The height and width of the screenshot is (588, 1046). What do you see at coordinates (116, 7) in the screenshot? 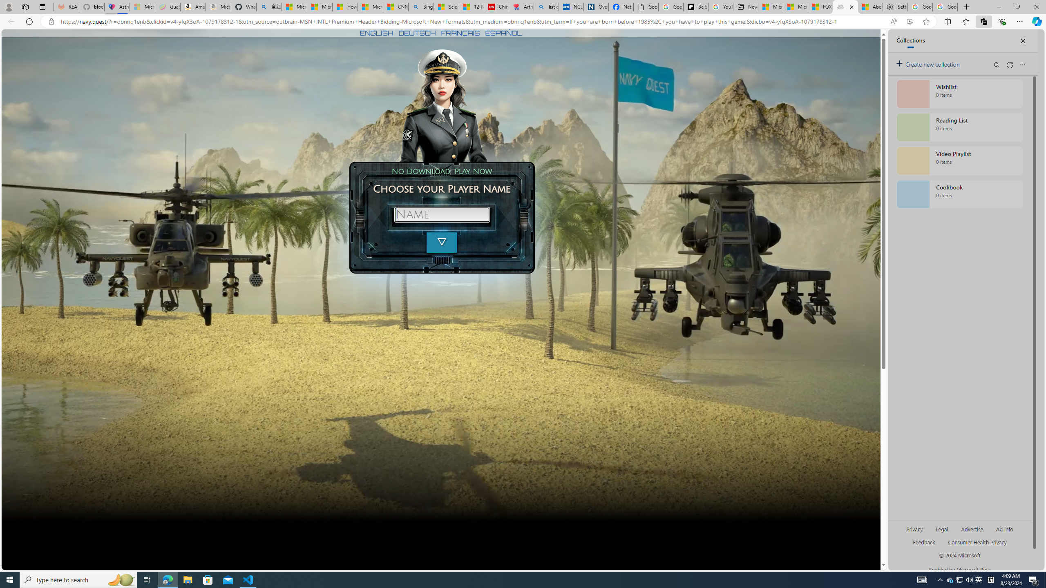
I see `'Asthma Inhalers: Names and Types'` at bounding box center [116, 7].